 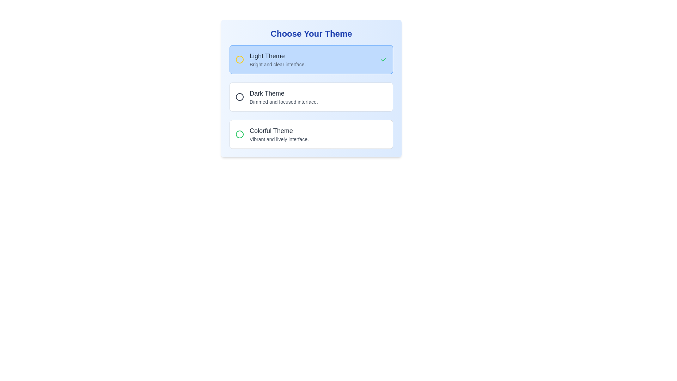 What do you see at coordinates (279, 134) in the screenshot?
I see `the text element titled 'Colorful Theme' which is the third option in a vertical list, positioned between 'Dark Theme' and subsequent content` at bounding box center [279, 134].